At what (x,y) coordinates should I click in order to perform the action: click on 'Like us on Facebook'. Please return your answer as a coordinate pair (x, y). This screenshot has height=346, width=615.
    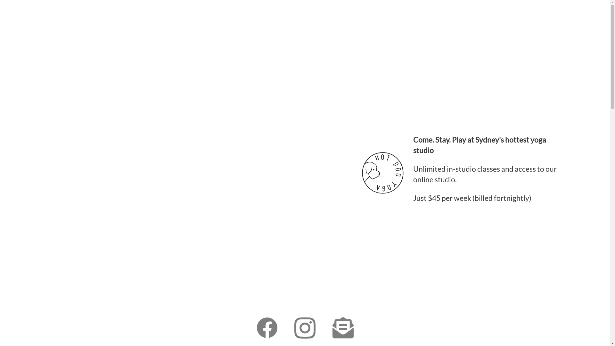
    Looking at the image, I should click on (257, 326).